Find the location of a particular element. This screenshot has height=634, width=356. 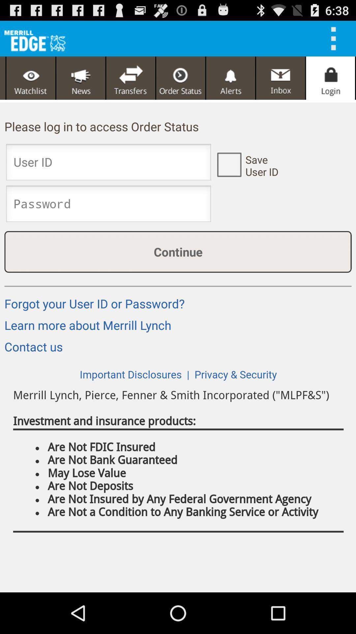

using the file is located at coordinates (336, 38).